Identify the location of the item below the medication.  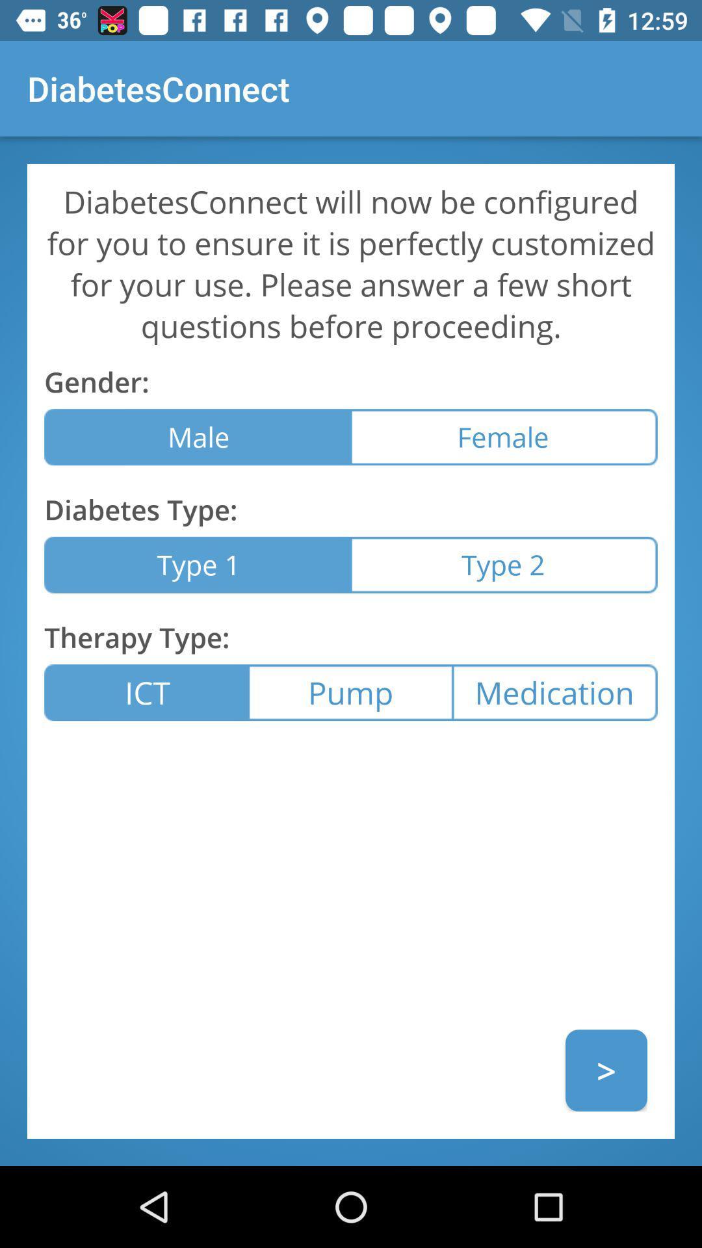
(606, 1070).